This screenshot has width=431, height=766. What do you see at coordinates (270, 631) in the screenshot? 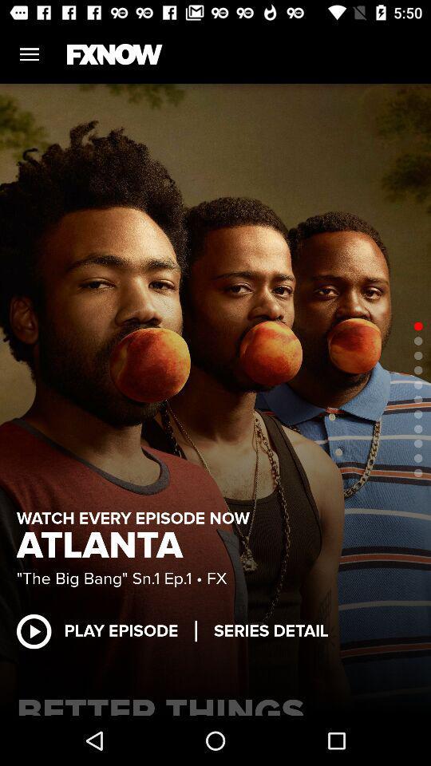
I see `series detail item` at bounding box center [270, 631].